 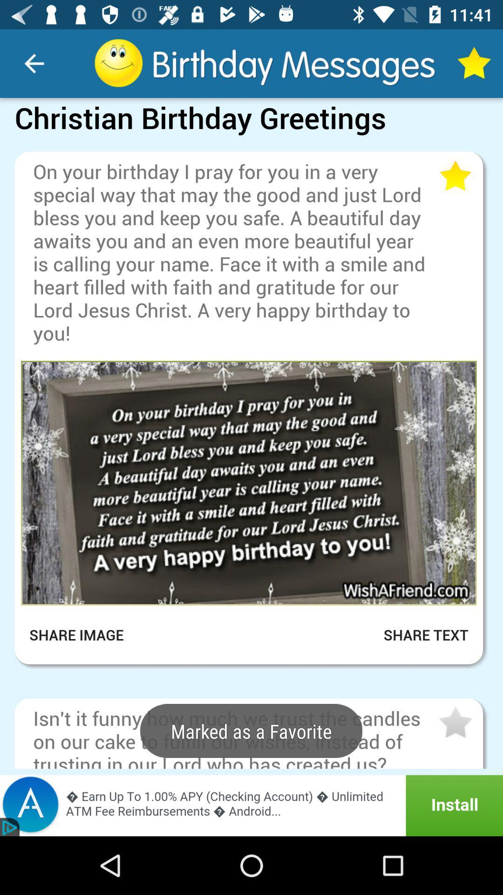 What do you see at coordinates (82, 634) in the screenshot?
I see `the share image` at bounding box center [82, 634].